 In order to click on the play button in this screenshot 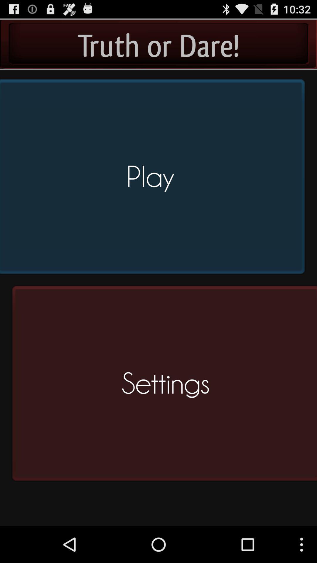, I will do `click(154, 179)`.